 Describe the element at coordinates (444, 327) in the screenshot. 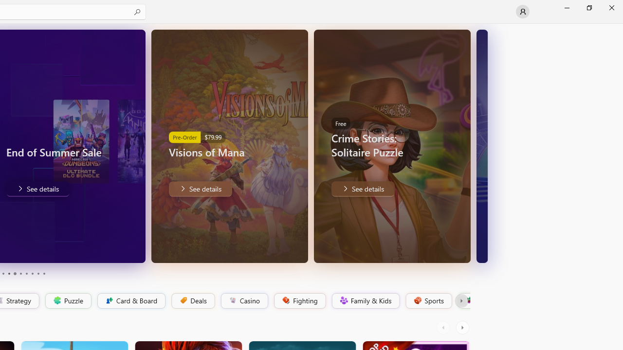

I see `'AutomationID: LeftScrollButton'` at that location.